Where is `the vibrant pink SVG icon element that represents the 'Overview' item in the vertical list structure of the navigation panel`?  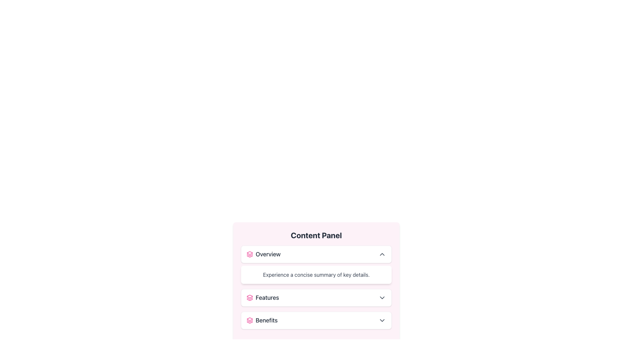 the vibrant pink SVG icon element that represents the 'Overview' item in the vertical list structure of the navigation panel is located at coordinates (249, 252).